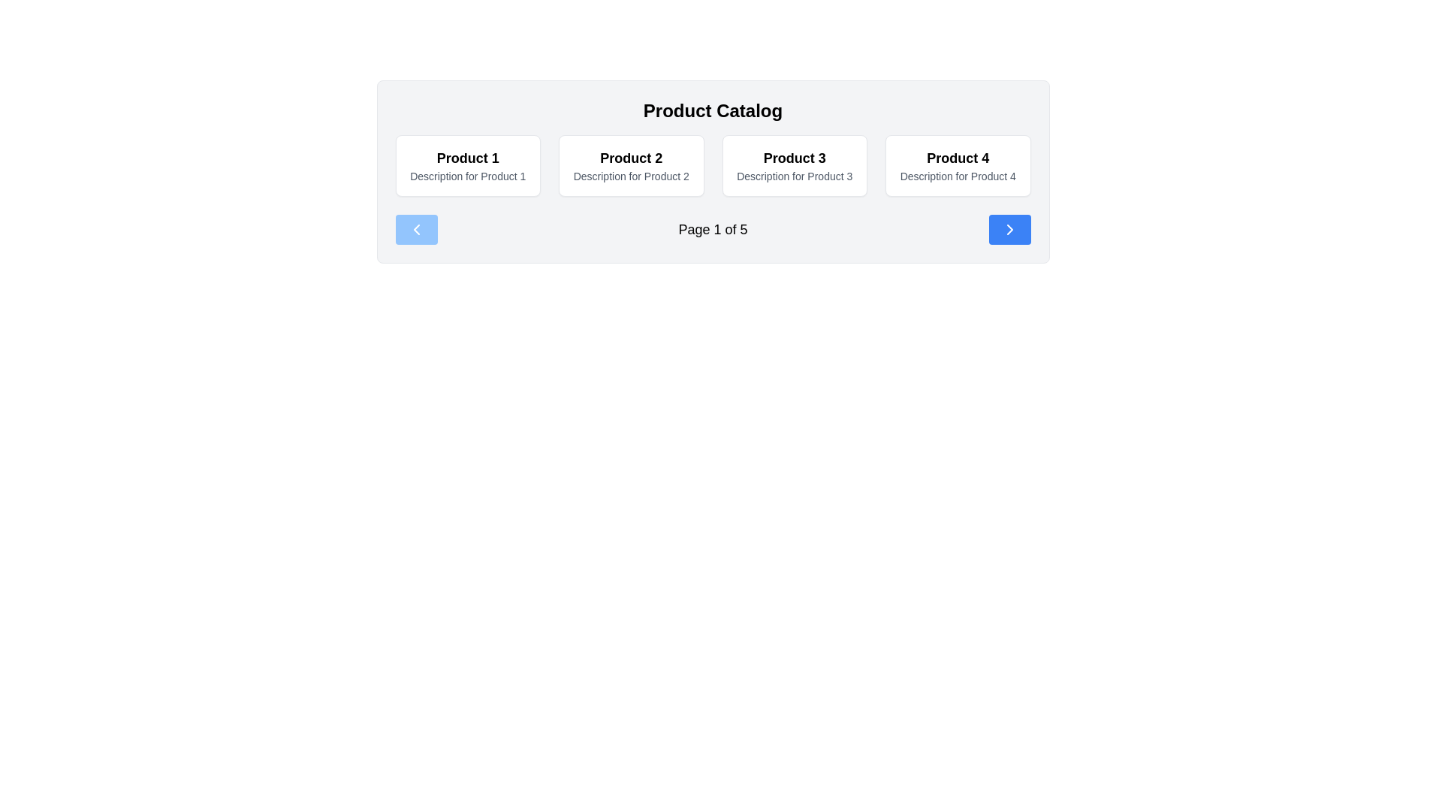 The height and width of the screenshot is (811, 1442). I want to click on the bold text label displaying 'Product 4' in the top part of the fourth product card, so click(957, 158).